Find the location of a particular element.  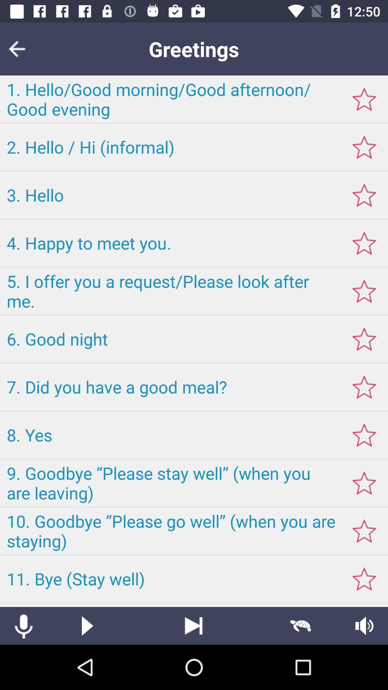

the microphone icon is located at coordinates (23, 625).